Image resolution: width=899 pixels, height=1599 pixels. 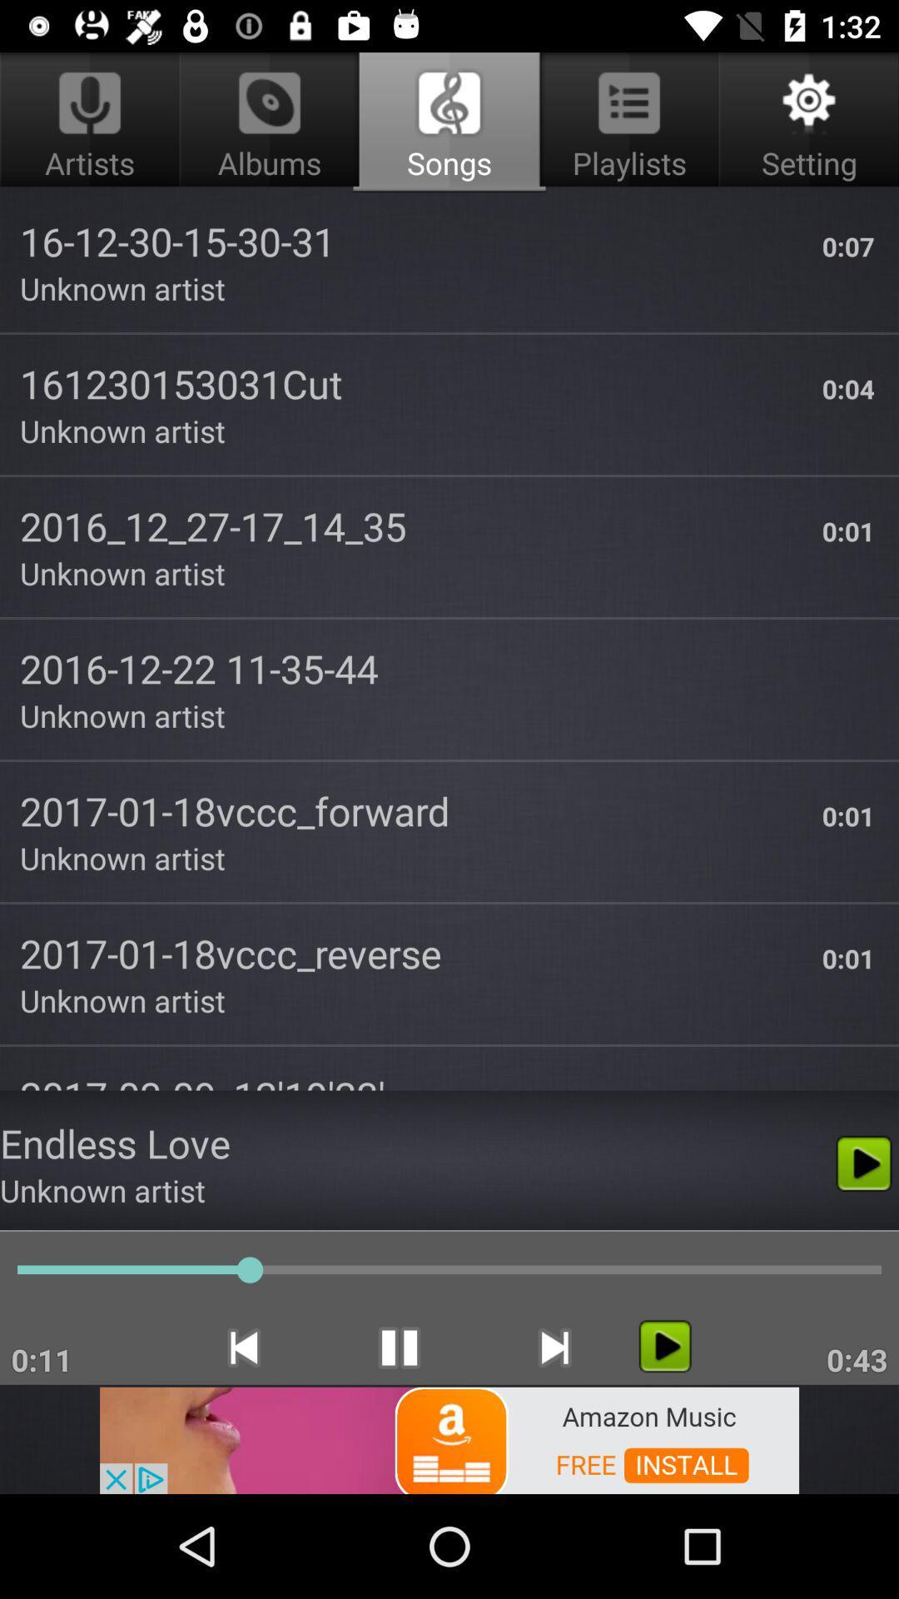 I want to click on the song option, so click(x=664, y=1346).